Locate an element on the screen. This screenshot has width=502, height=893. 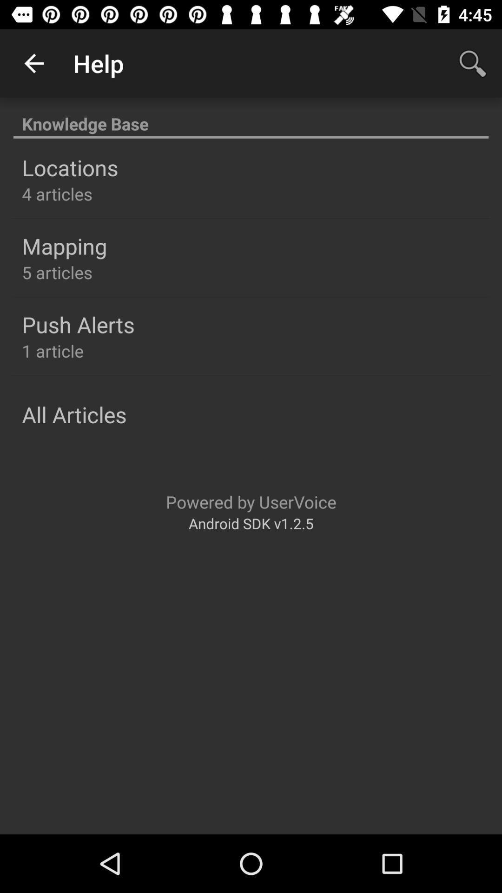
the item below the mapping icon is located at coordinates (57, 272).